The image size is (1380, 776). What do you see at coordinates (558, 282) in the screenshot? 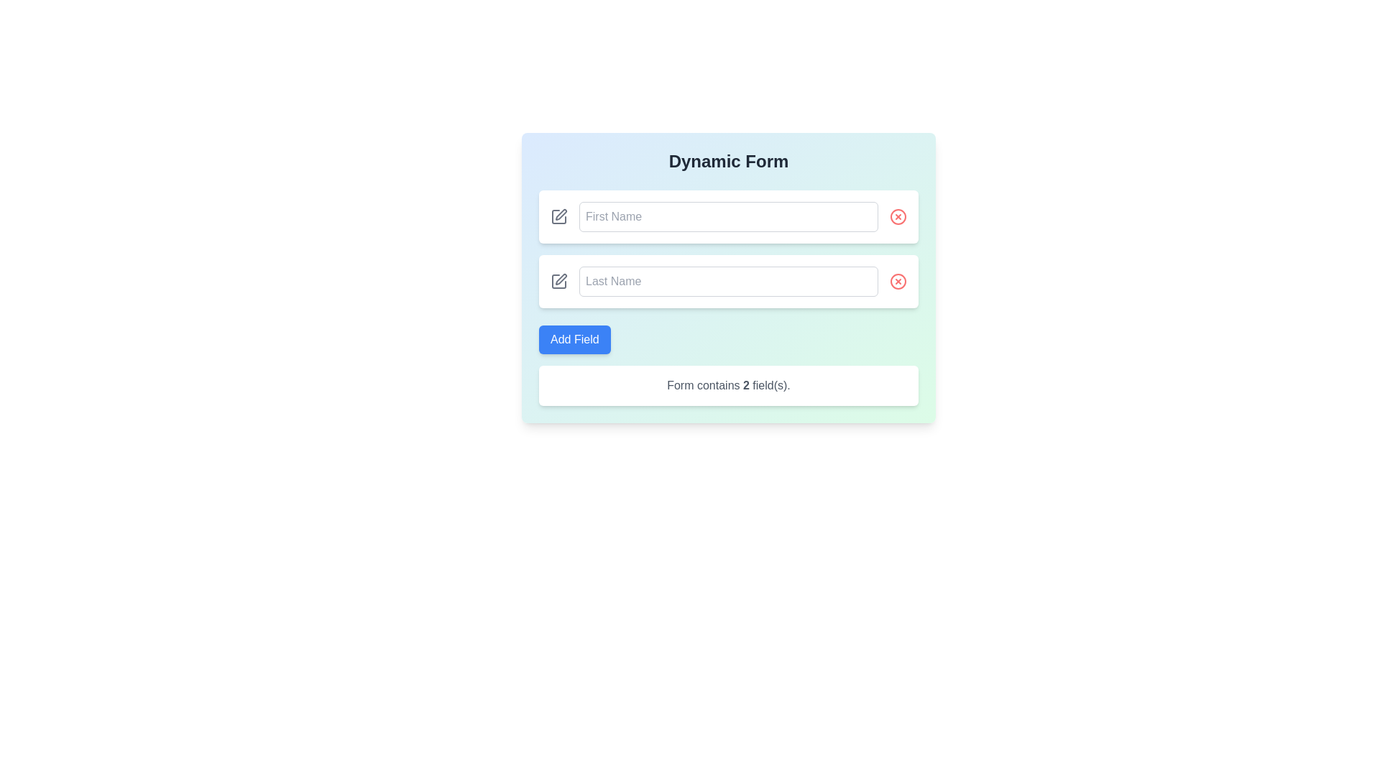
I see `the Icon component within the SVG that indicates the editable 'Last Name' input field` at bounding box center [558, 282].